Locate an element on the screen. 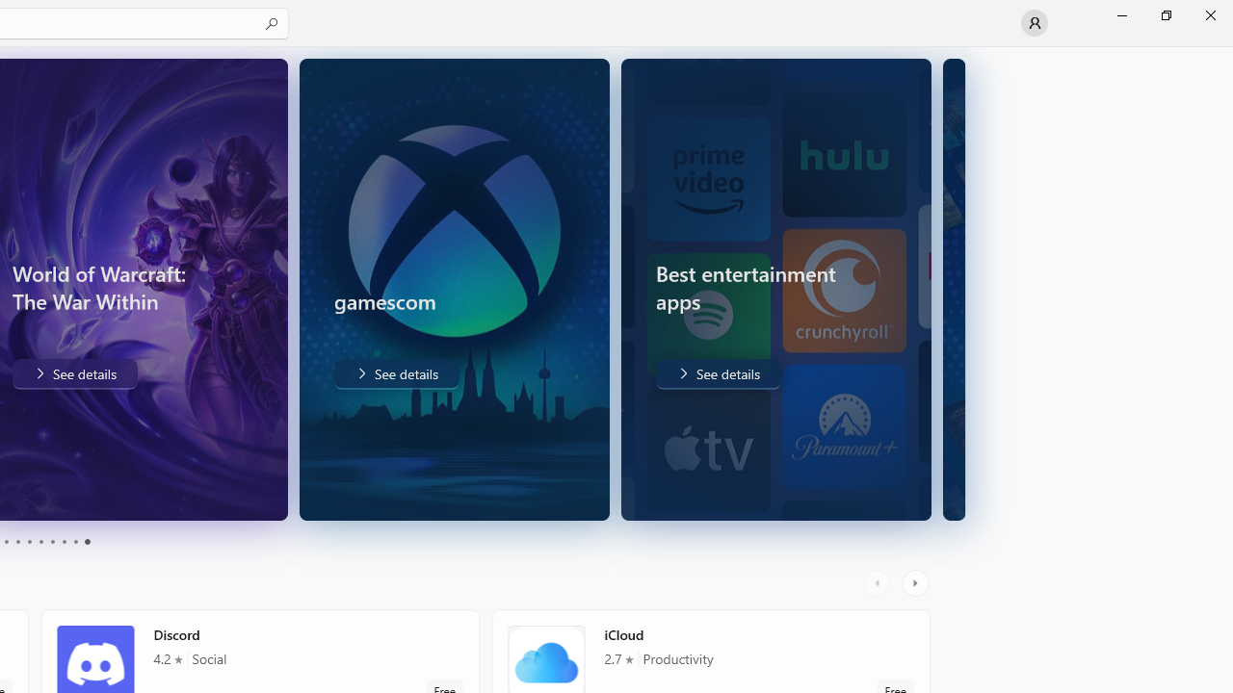 This screenshot has height=693, width=1233. 'Page 7' is located at coordinates (52, 542).